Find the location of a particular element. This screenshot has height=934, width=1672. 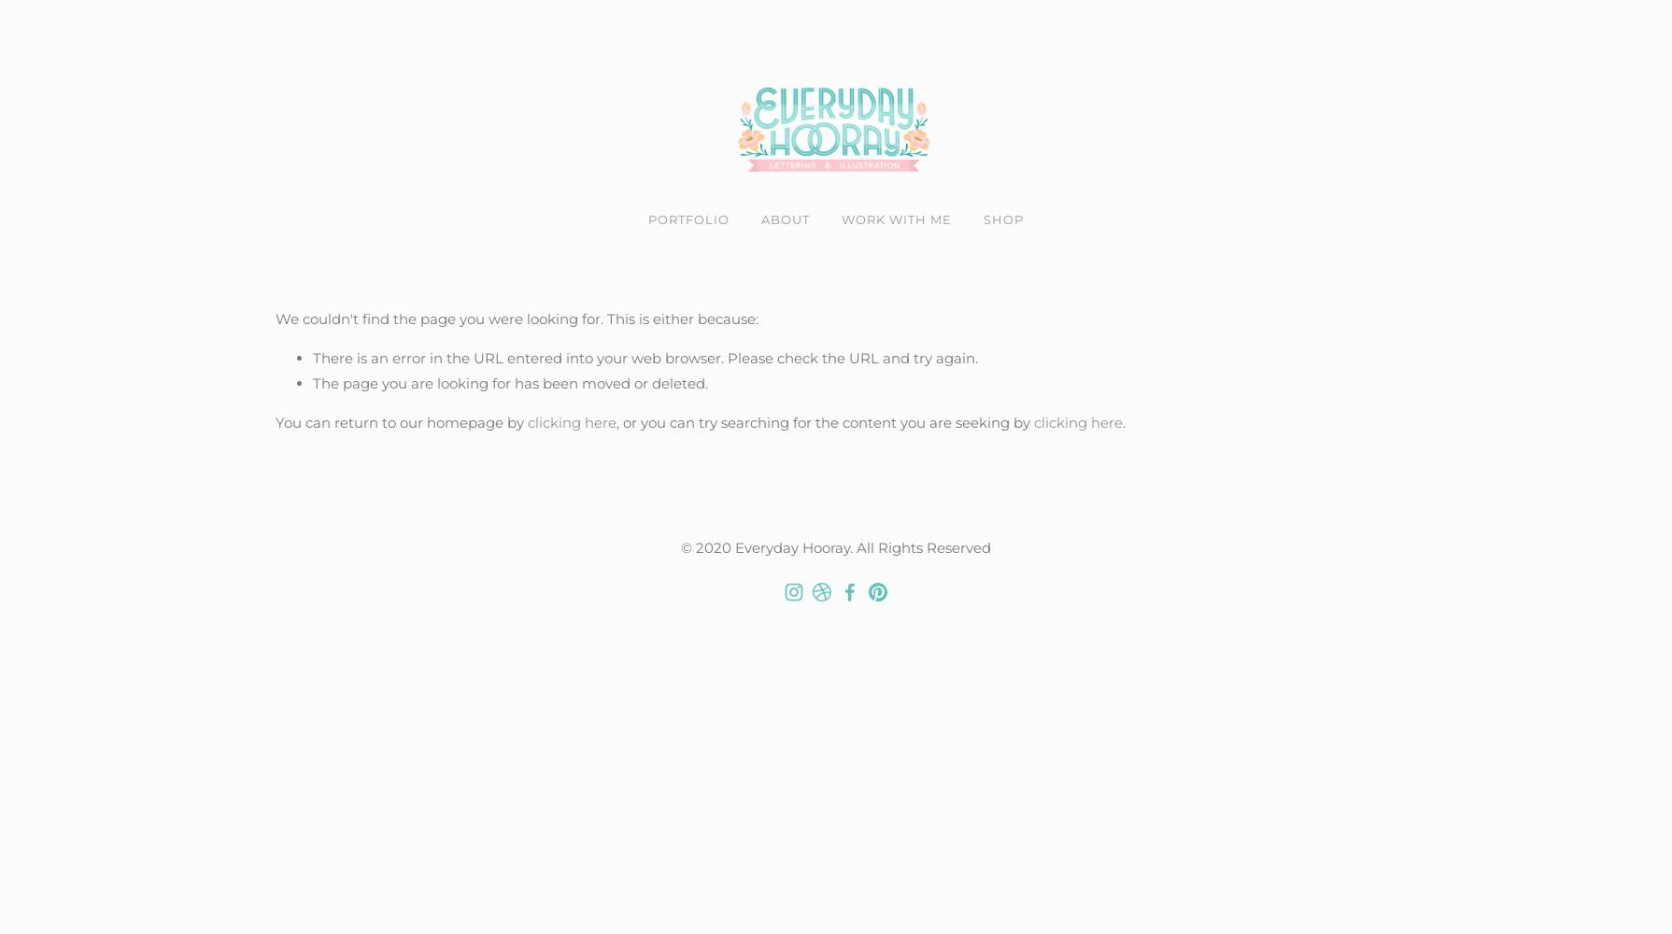

', or you can try searching for the
  content you are seeking by' is located at coordinates (824, 420).